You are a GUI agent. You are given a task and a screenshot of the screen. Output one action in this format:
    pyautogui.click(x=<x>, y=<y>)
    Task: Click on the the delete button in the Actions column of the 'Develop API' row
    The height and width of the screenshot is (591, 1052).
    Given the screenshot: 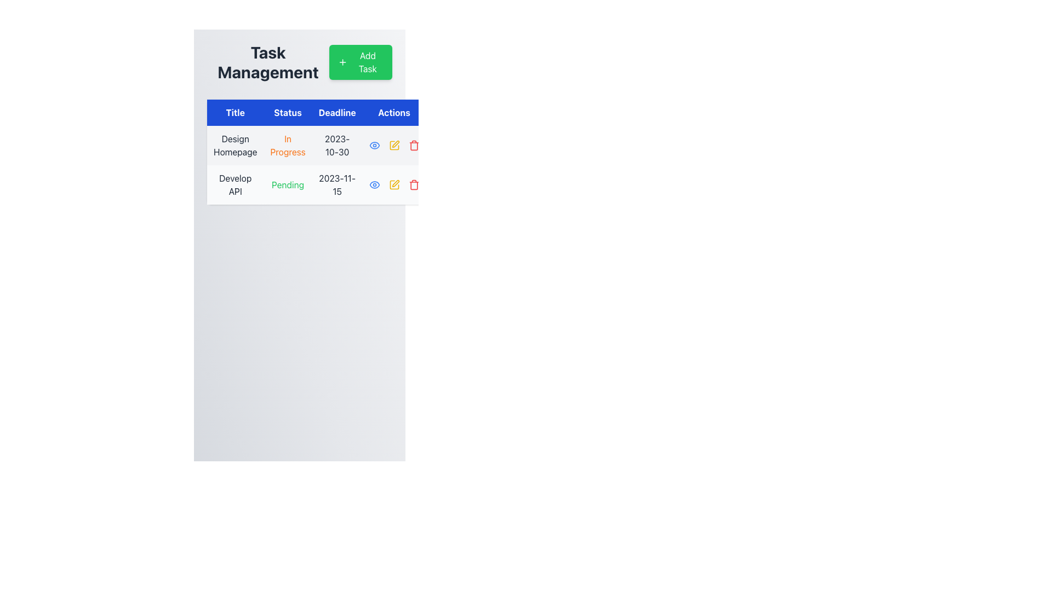 What is the action you would take?
    pyautogui.click(x=413, y=145)
    